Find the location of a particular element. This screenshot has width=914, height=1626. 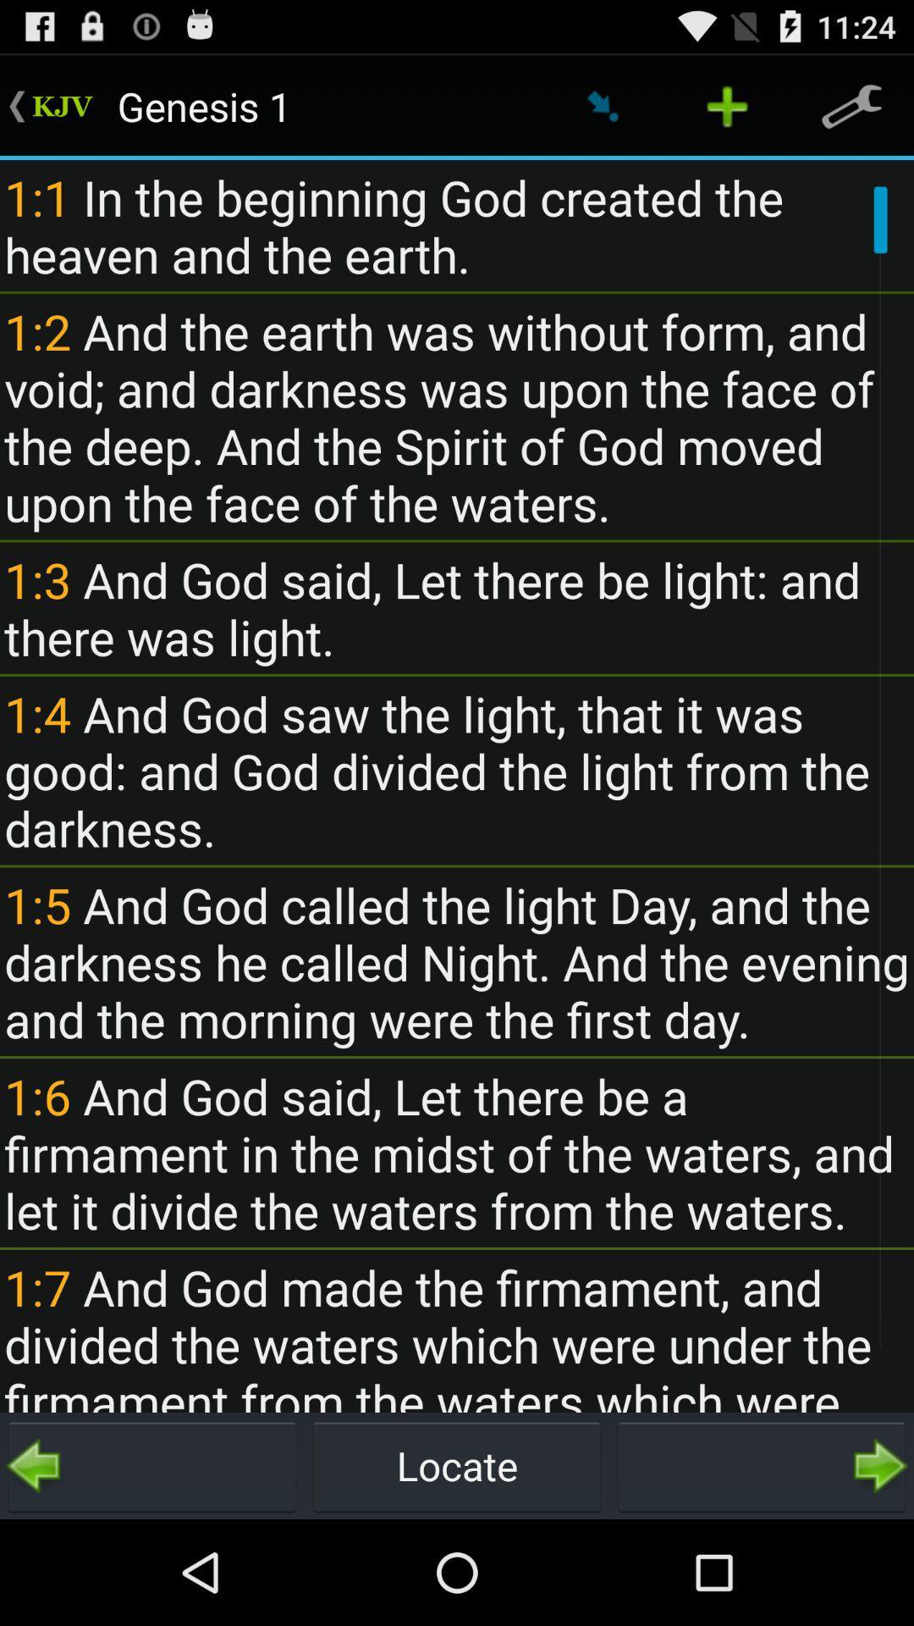

go forward is located at coordinates (760, 1465).